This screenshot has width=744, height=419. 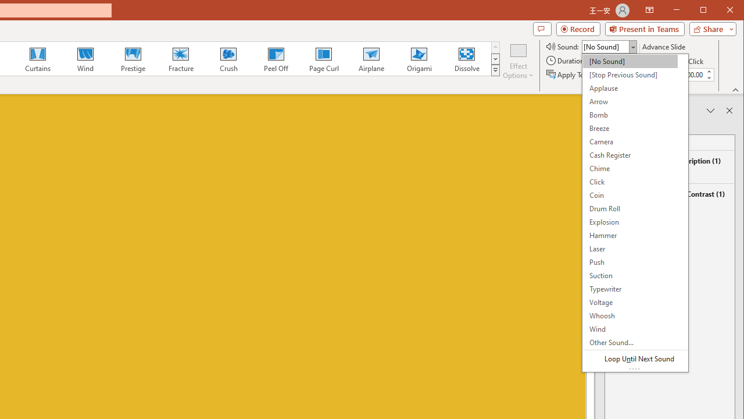 What do you see at coordinates (708, 72) in the screenshot?
I see `'More'` at bounding box center [708, 72].